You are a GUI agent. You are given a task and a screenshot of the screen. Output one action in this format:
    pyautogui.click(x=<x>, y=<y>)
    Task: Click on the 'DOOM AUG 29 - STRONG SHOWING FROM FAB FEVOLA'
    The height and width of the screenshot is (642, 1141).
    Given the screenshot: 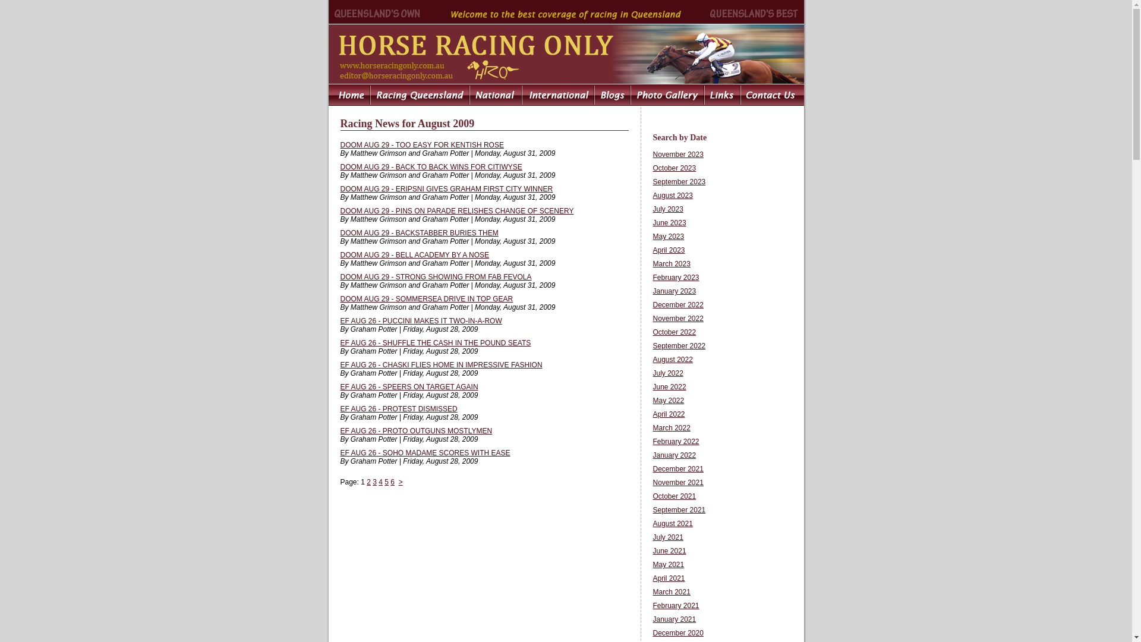 What is the action you would take?
    pyautogui.click(x=435, y=277)
    